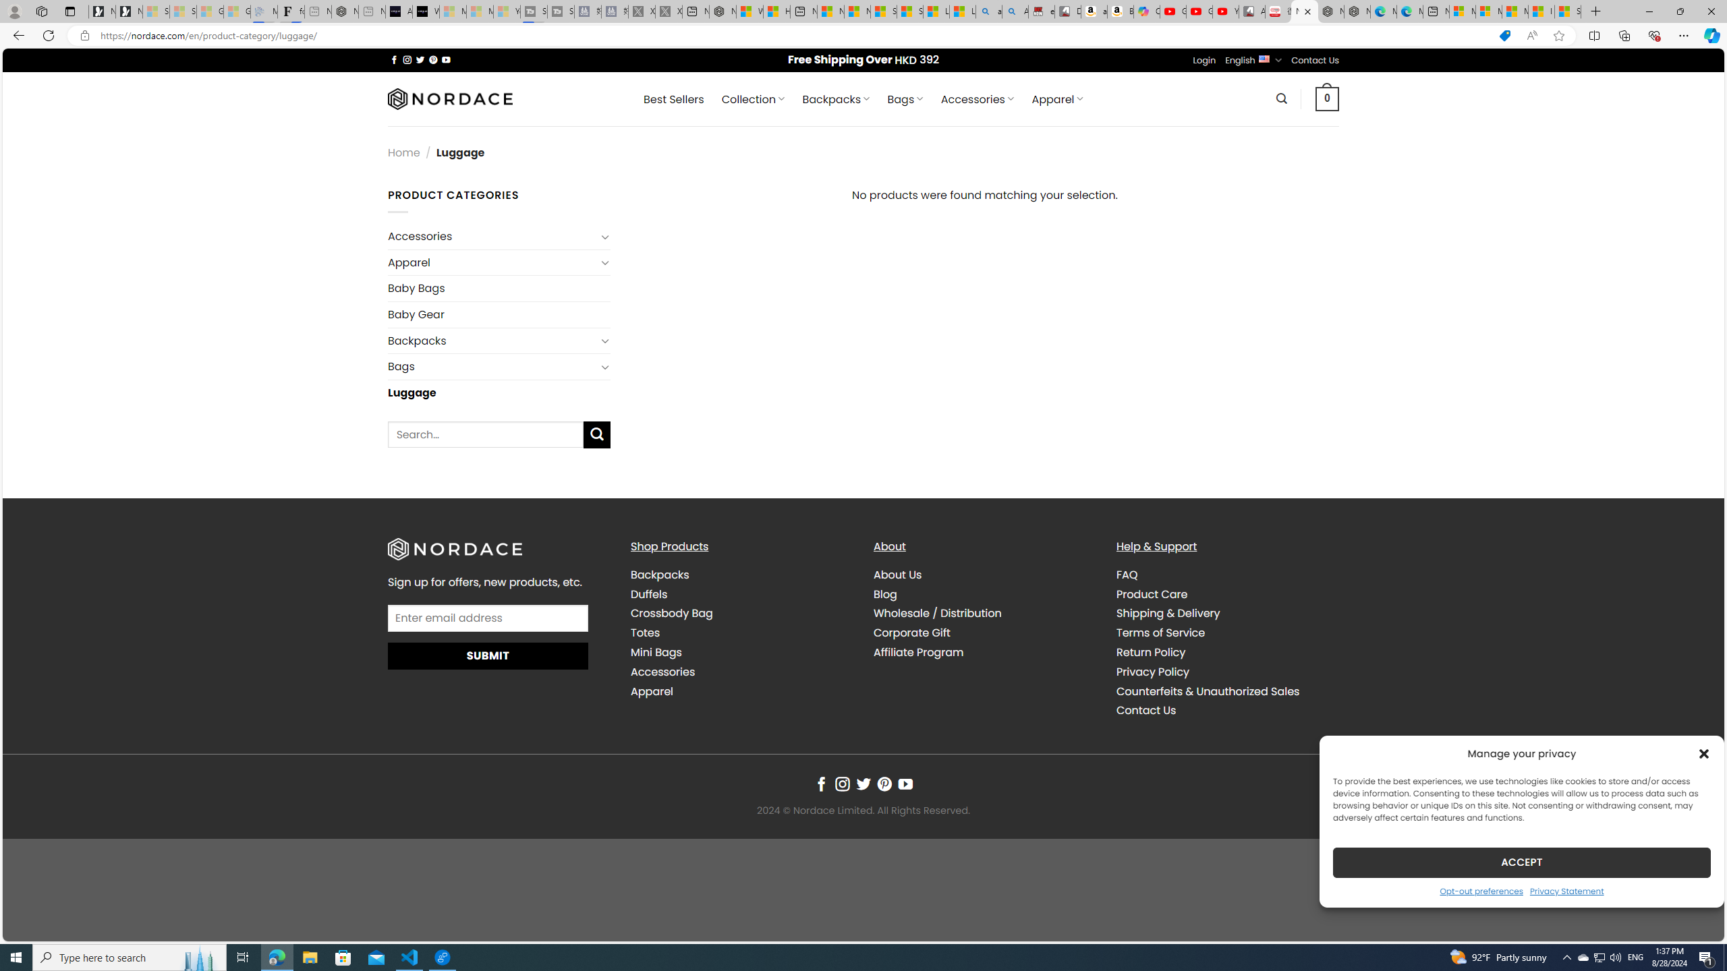  Describe the element at coordinates (1357, 11) in the screenshot. I see `'Nordace - Nordace has arrived Hong Kong'` at that location.